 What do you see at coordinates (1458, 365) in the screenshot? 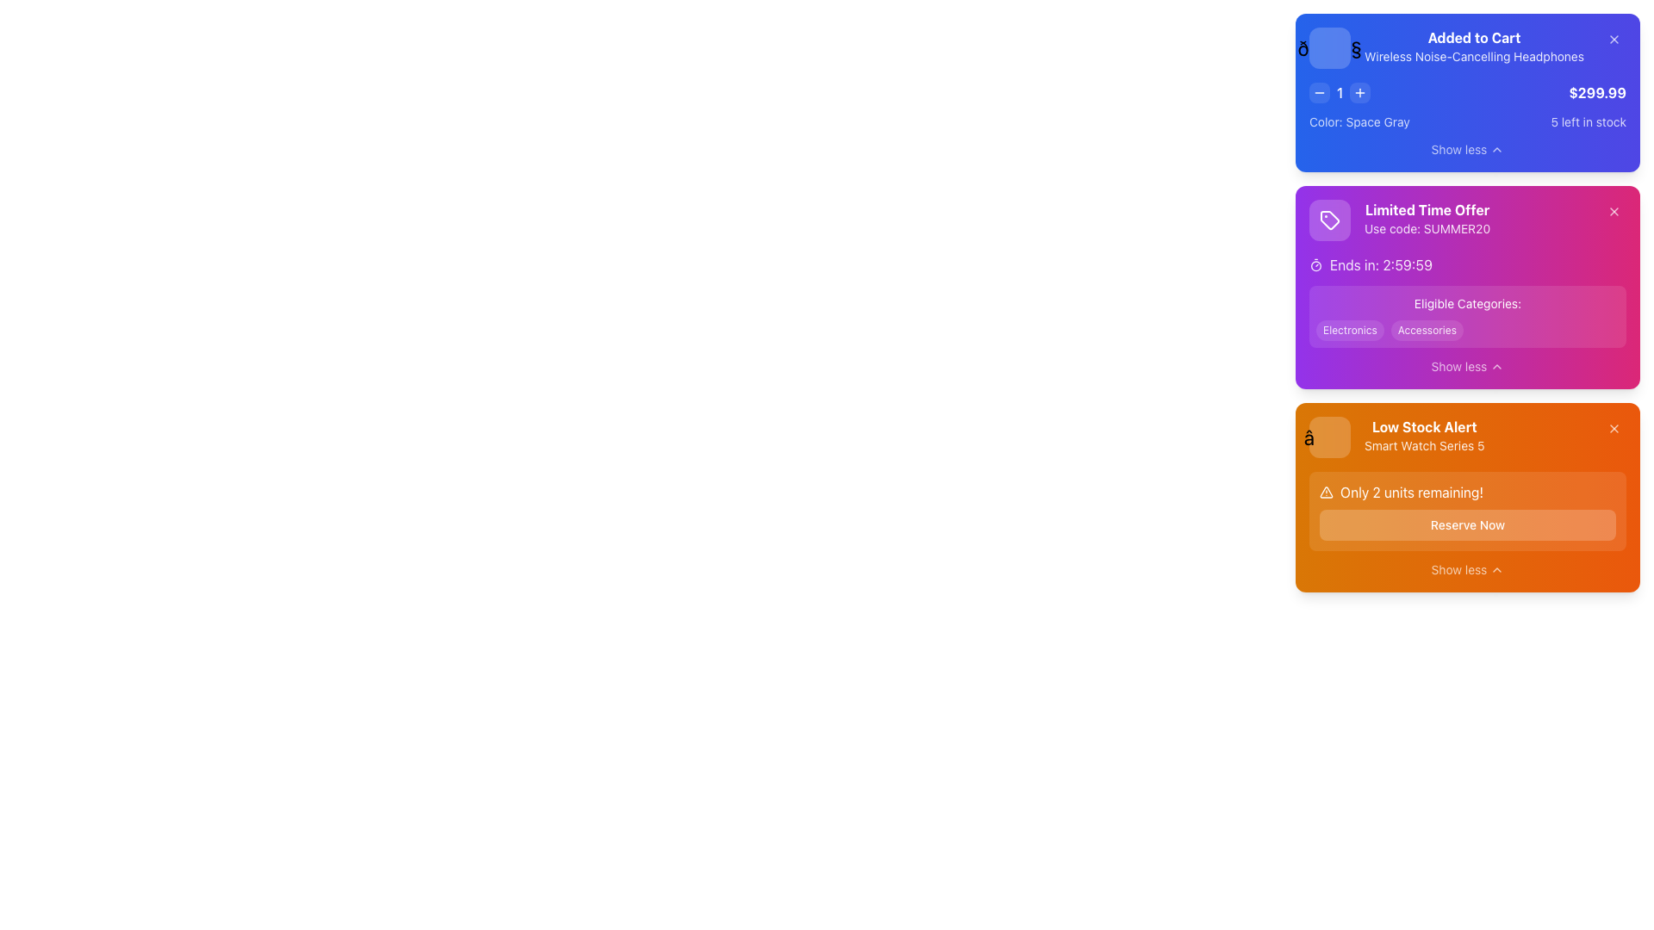
I see `the 'Show less' text label, which is displayed in white font on a gradient purple background` at bounding box center [1458, 365].